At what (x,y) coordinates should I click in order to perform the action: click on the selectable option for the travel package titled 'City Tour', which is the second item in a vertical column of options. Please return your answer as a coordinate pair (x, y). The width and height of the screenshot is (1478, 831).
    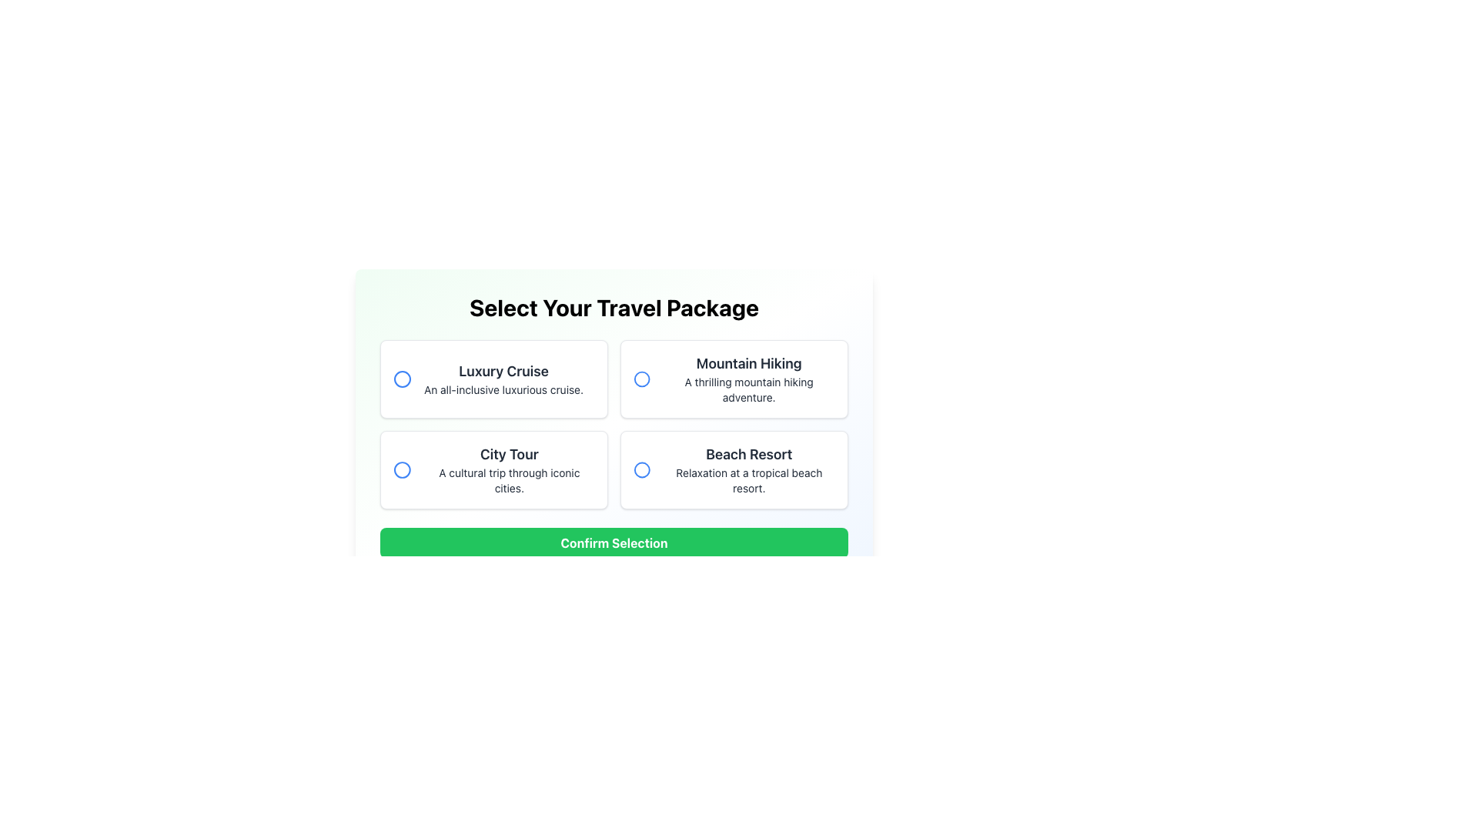
    Looking at the image, I should click on (509, 469).